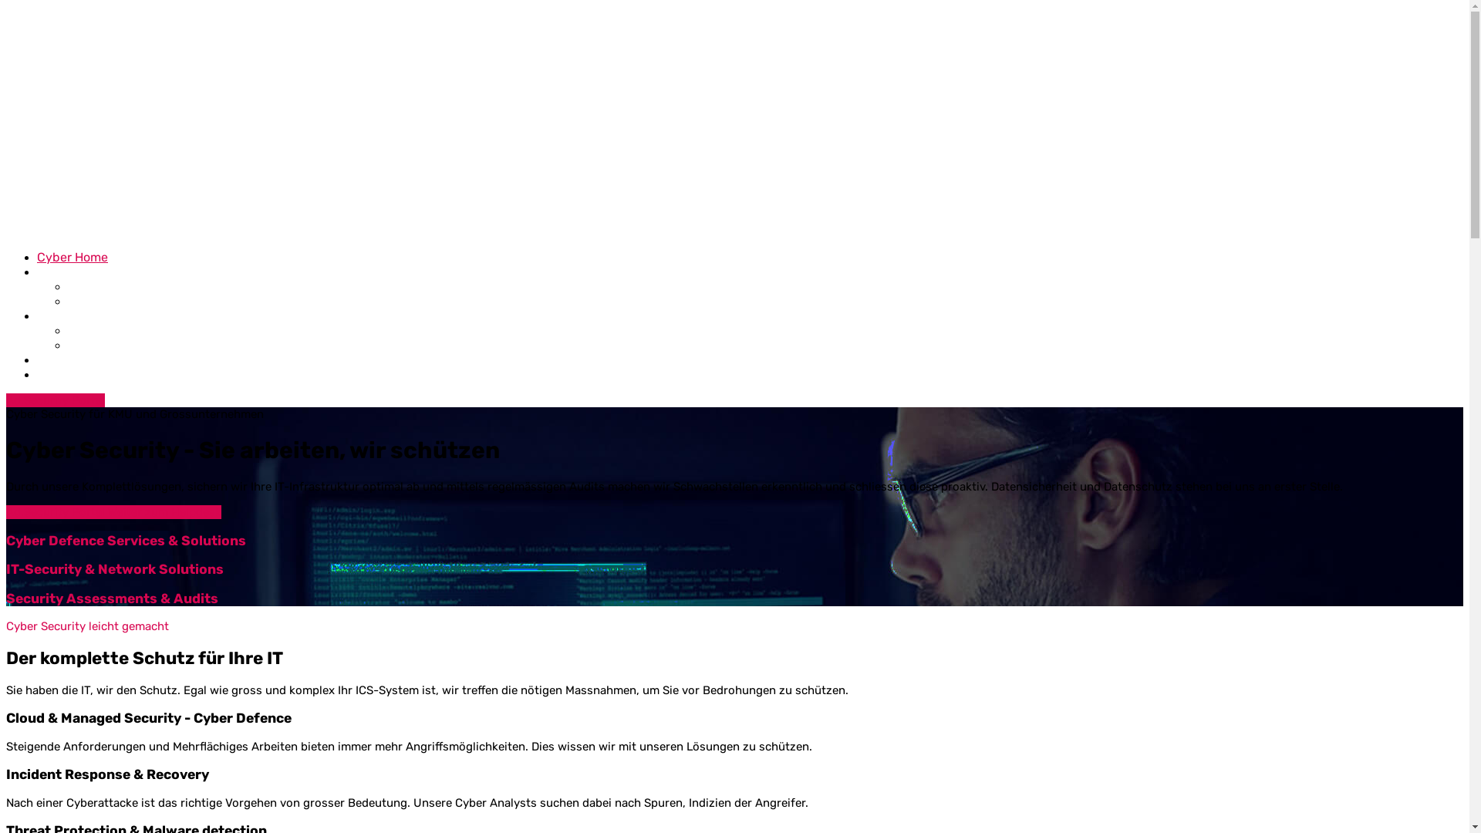  Describe the element at coordinates (66, 329) in the screenshot. I see `'M365 Security'` at that location.